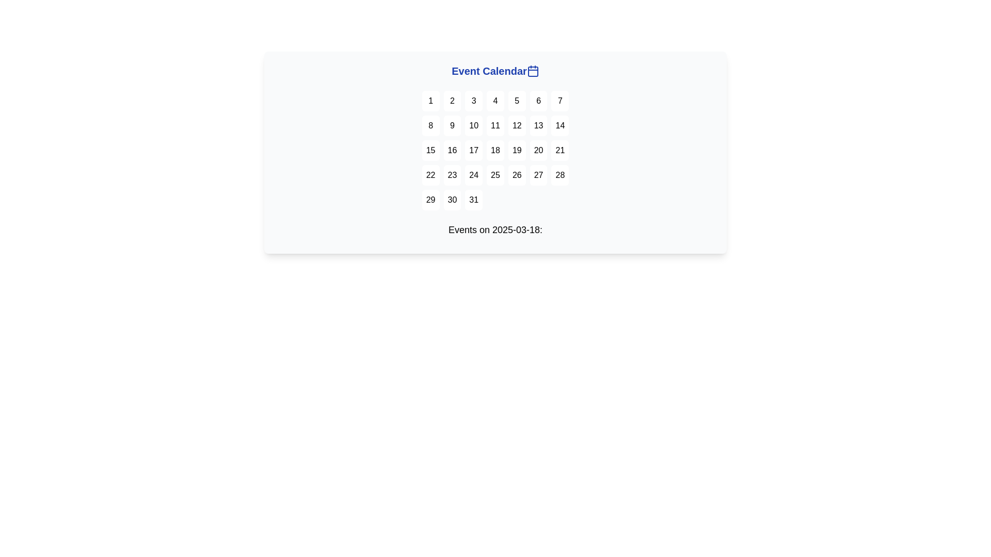 This screenshot has width=991, height=557. Describe the element at coordinates (473, 101) in the screenshot. I see `the white rounded rectangular button displaying the number '3' in a calendar layout` at that location.